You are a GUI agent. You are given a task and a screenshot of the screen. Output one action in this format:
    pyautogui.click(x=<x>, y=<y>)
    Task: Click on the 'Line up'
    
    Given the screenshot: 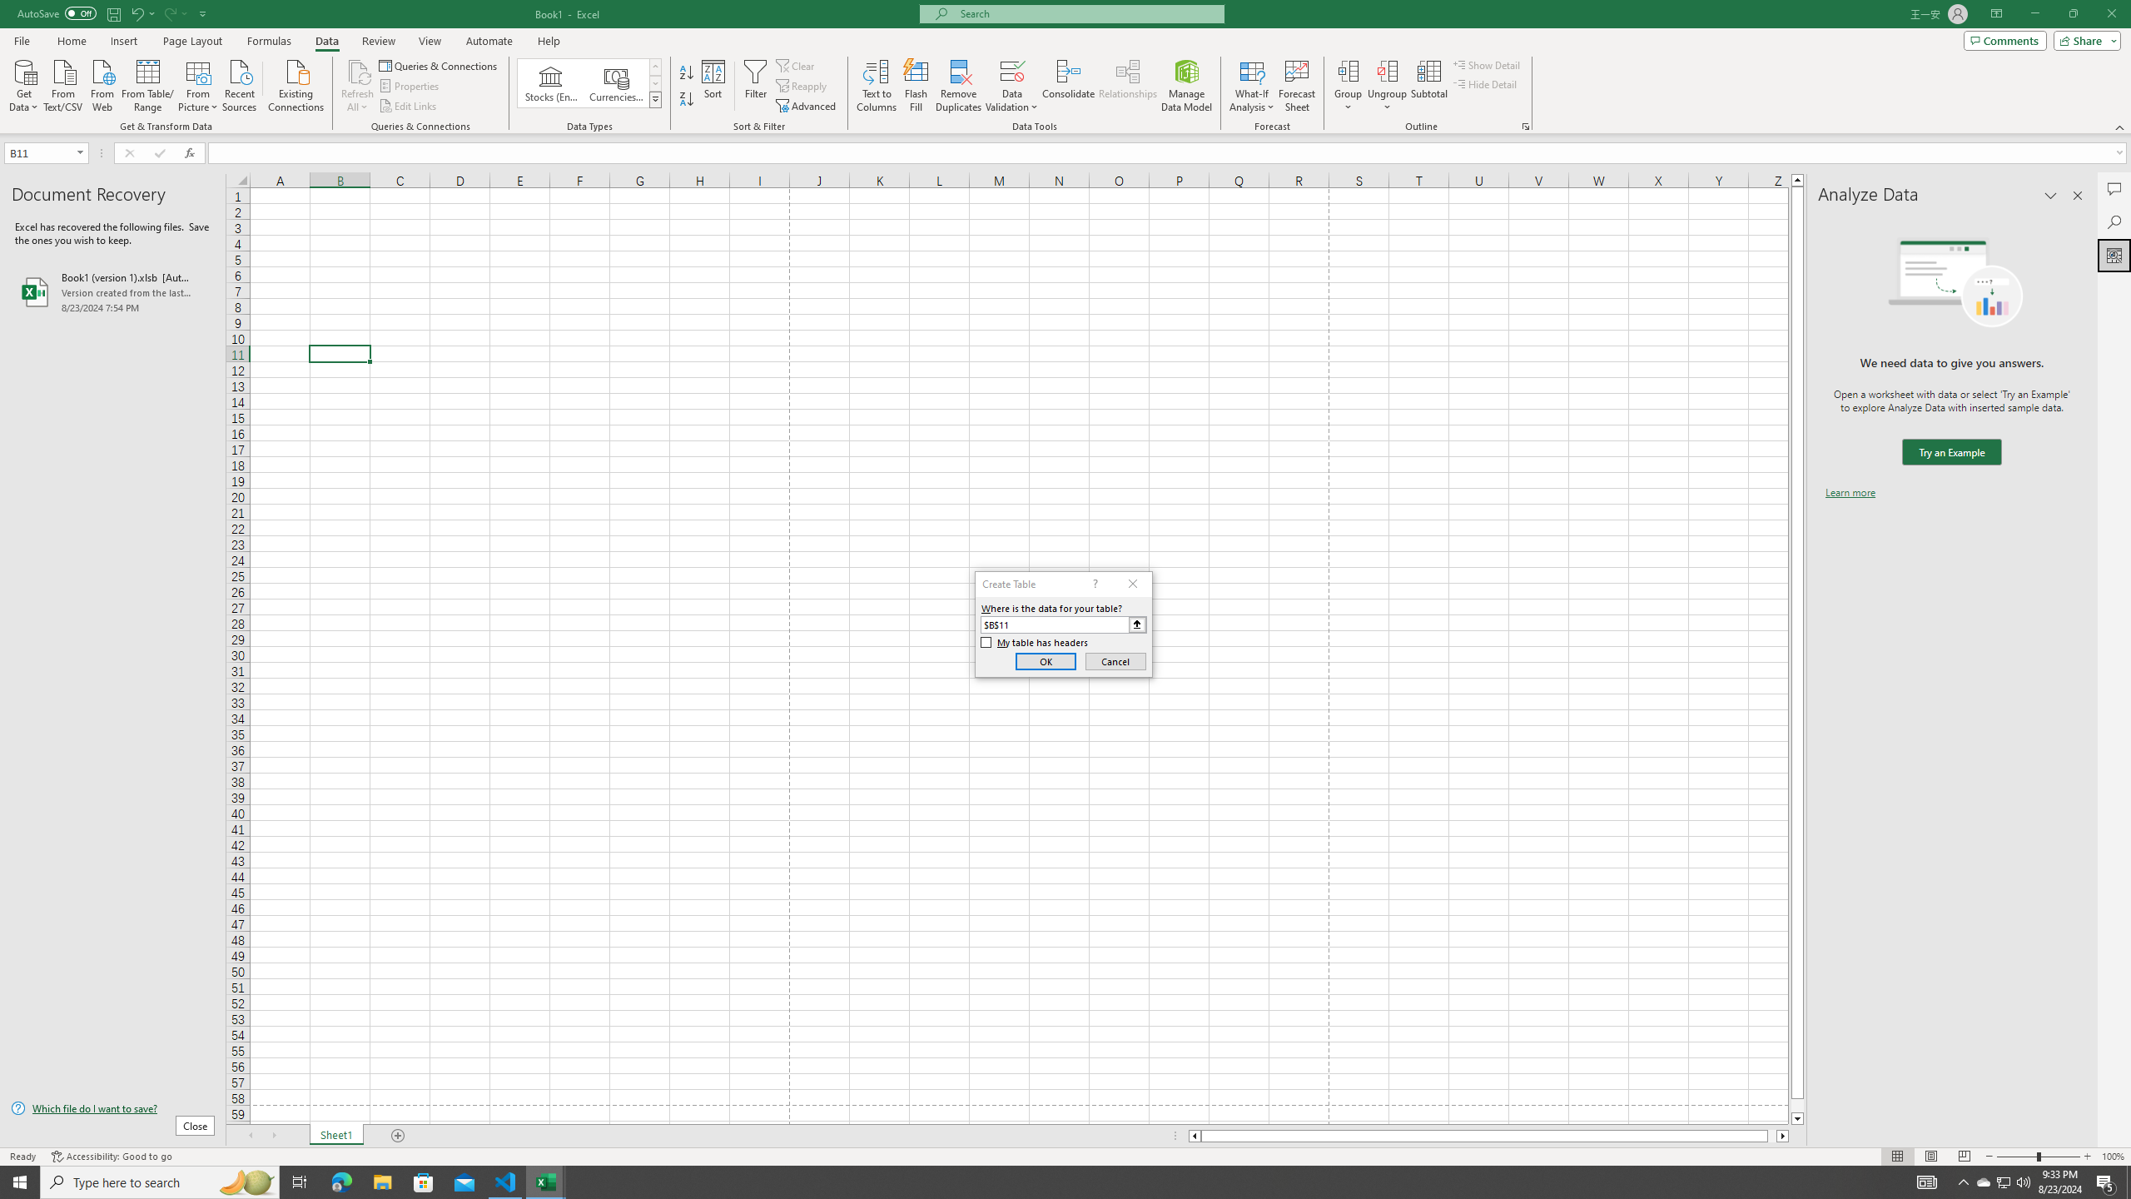 What is the action you would take?
    pyautogui.click(x=1797, y=179)
    